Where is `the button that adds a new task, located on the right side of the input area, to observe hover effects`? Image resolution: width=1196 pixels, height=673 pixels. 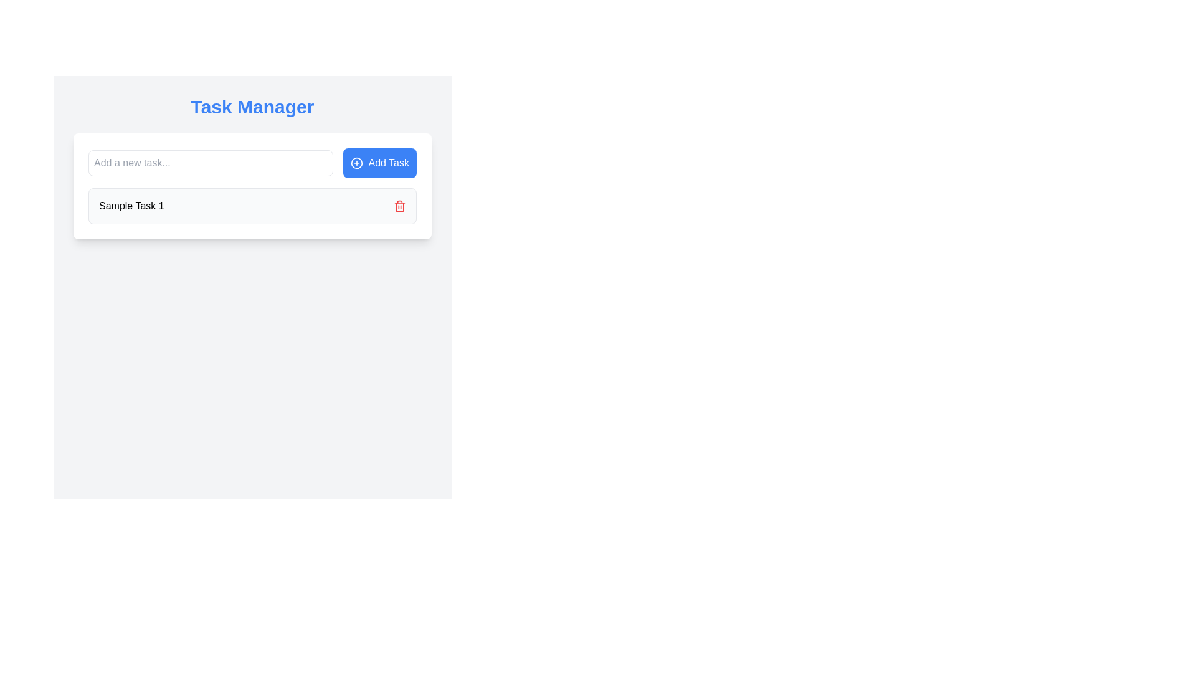
the button that adds a new task, located on the right side of the input area, to observe hover effects is located at coordinates (379, 163).